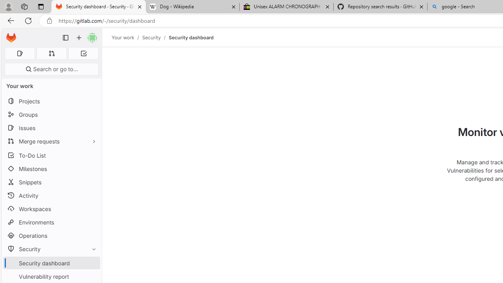 This screenshot has height=283, width=503. Describe the element at coordinates (51, 53) in the screenshot. I see `'Merge requests 0'` at that location.